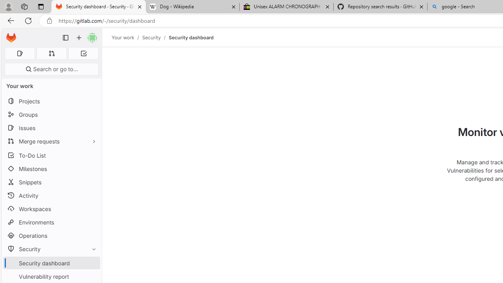 This screenshot has height=283, width=503. Describe the element at coordinates (51, 53) in the screenshot. I see `'Merge requests 0'` at that location.